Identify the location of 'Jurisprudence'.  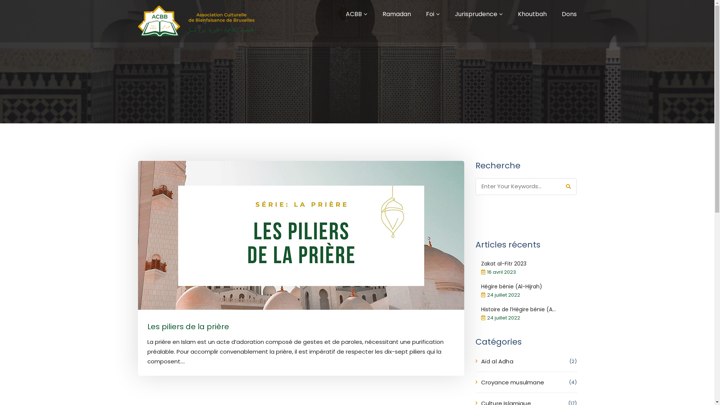
(454, 14).